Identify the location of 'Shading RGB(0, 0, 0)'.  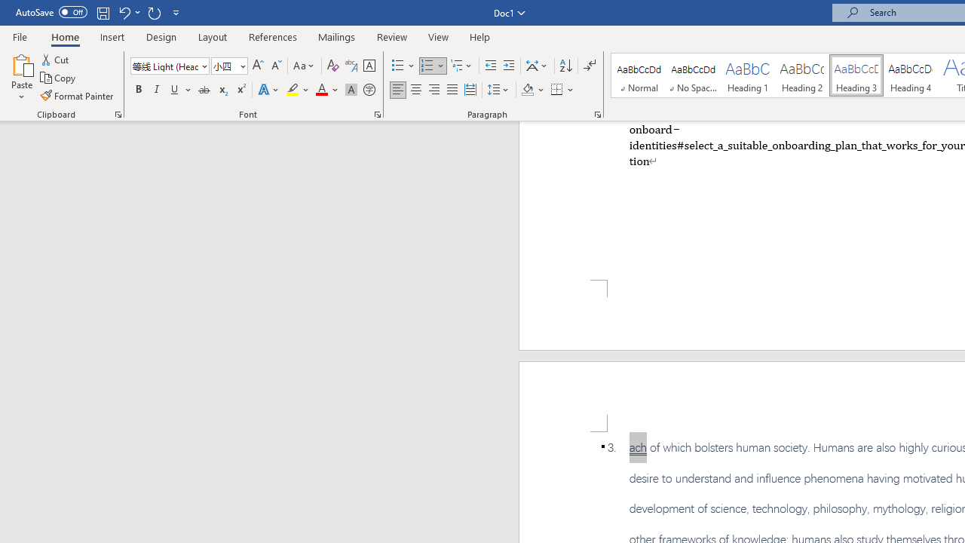
(527, 90).